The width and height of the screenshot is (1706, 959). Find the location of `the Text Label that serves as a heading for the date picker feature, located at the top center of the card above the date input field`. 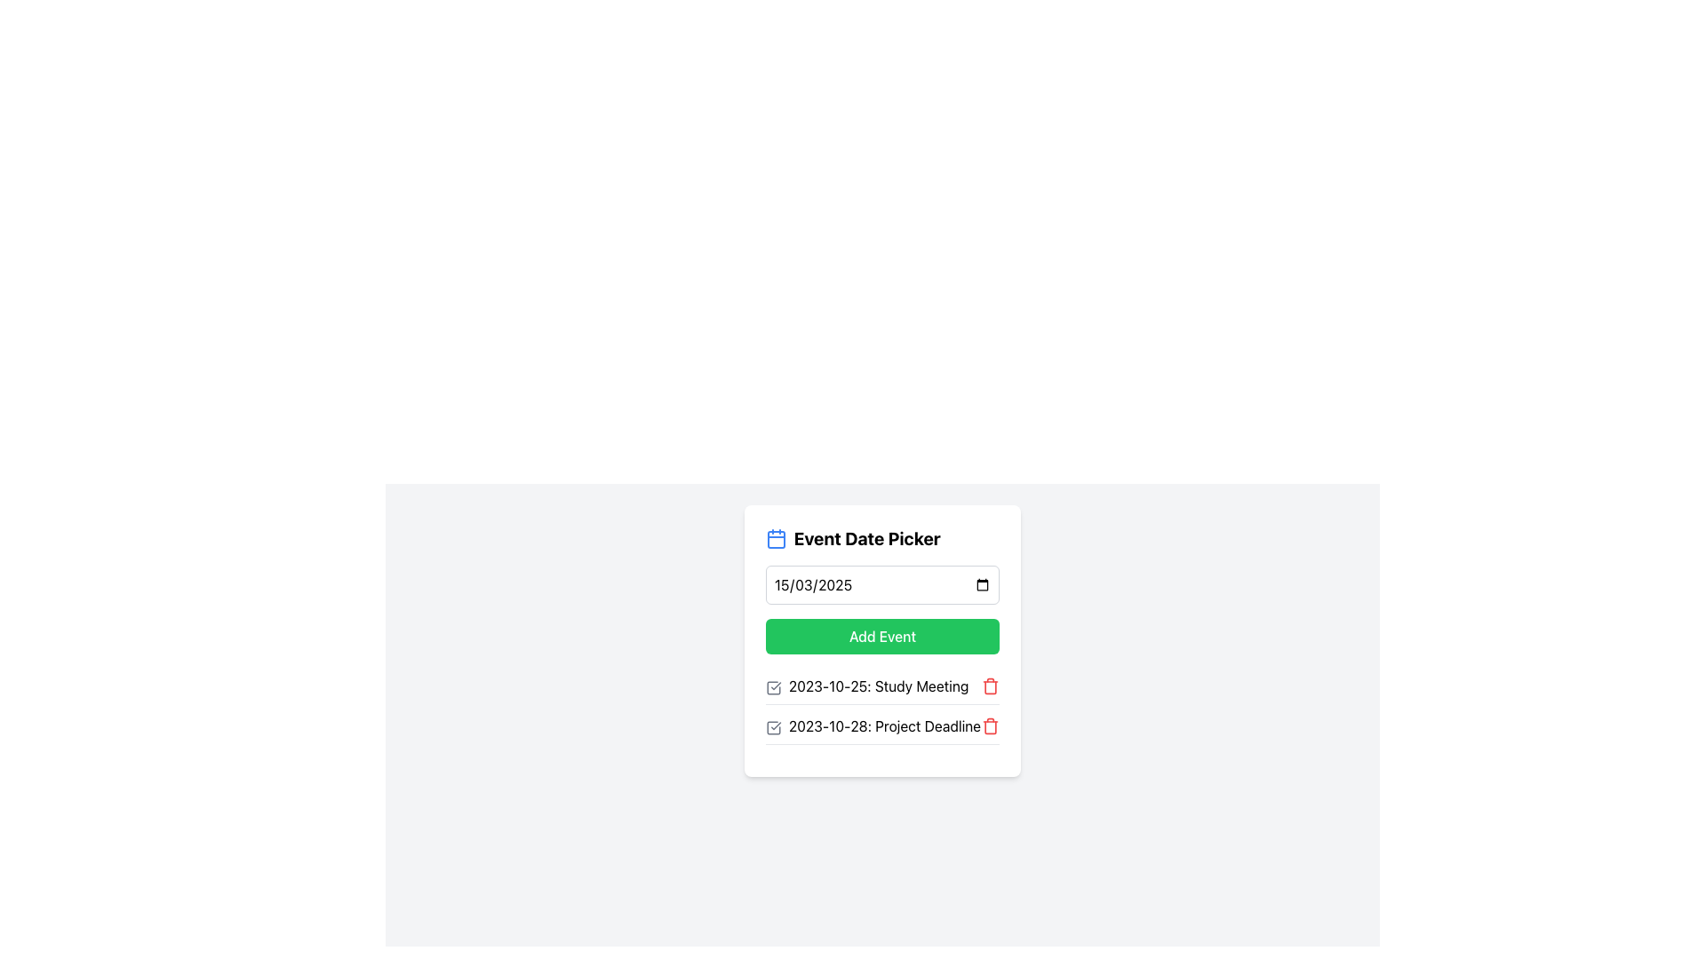

the Text Label that serves as a heading for the date picker feature, located at the top center of the card above the date input field is located at coordinates (882, 537).